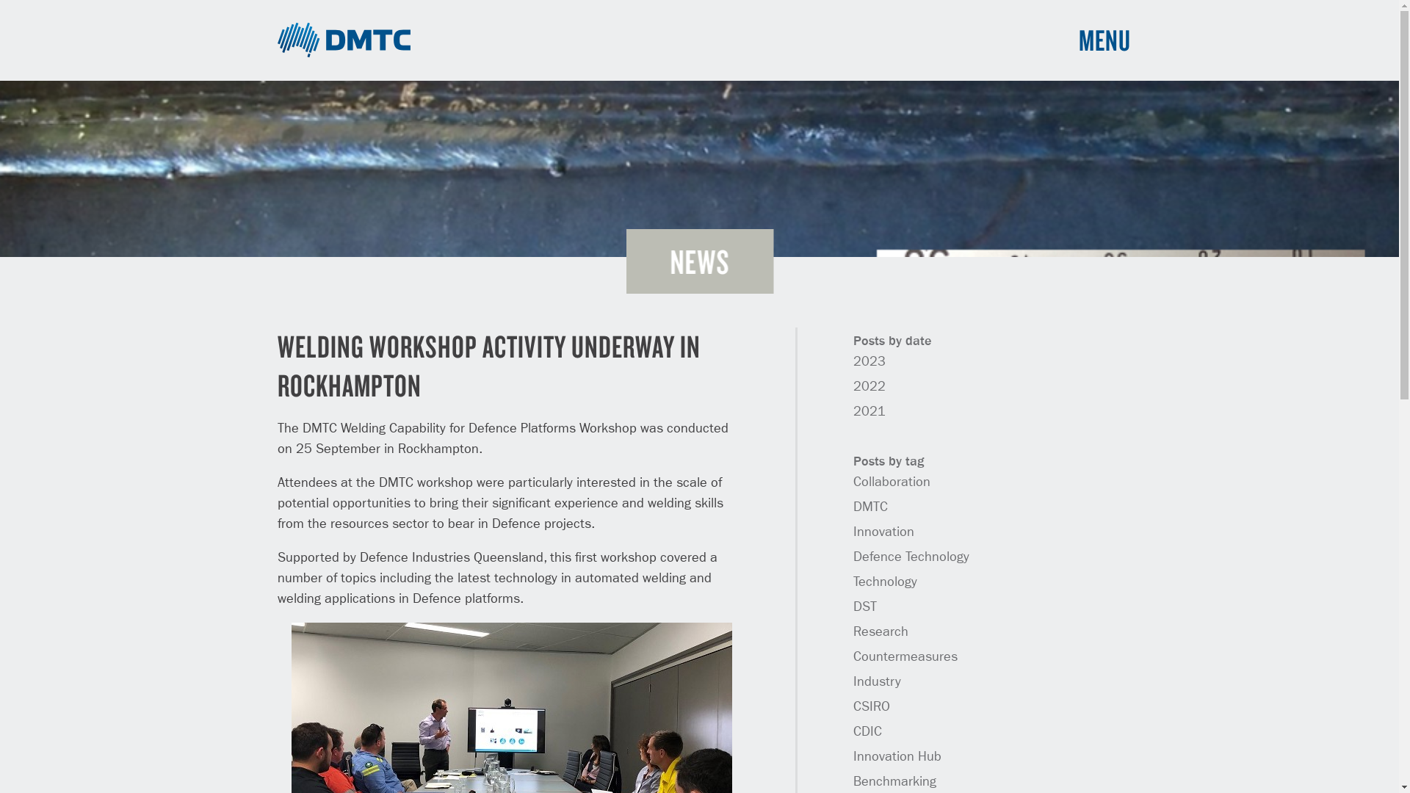  What do you see at coordinates (698, 260) in the screenshot?
I see `'NEWS'` at bounding box center [698, 260].